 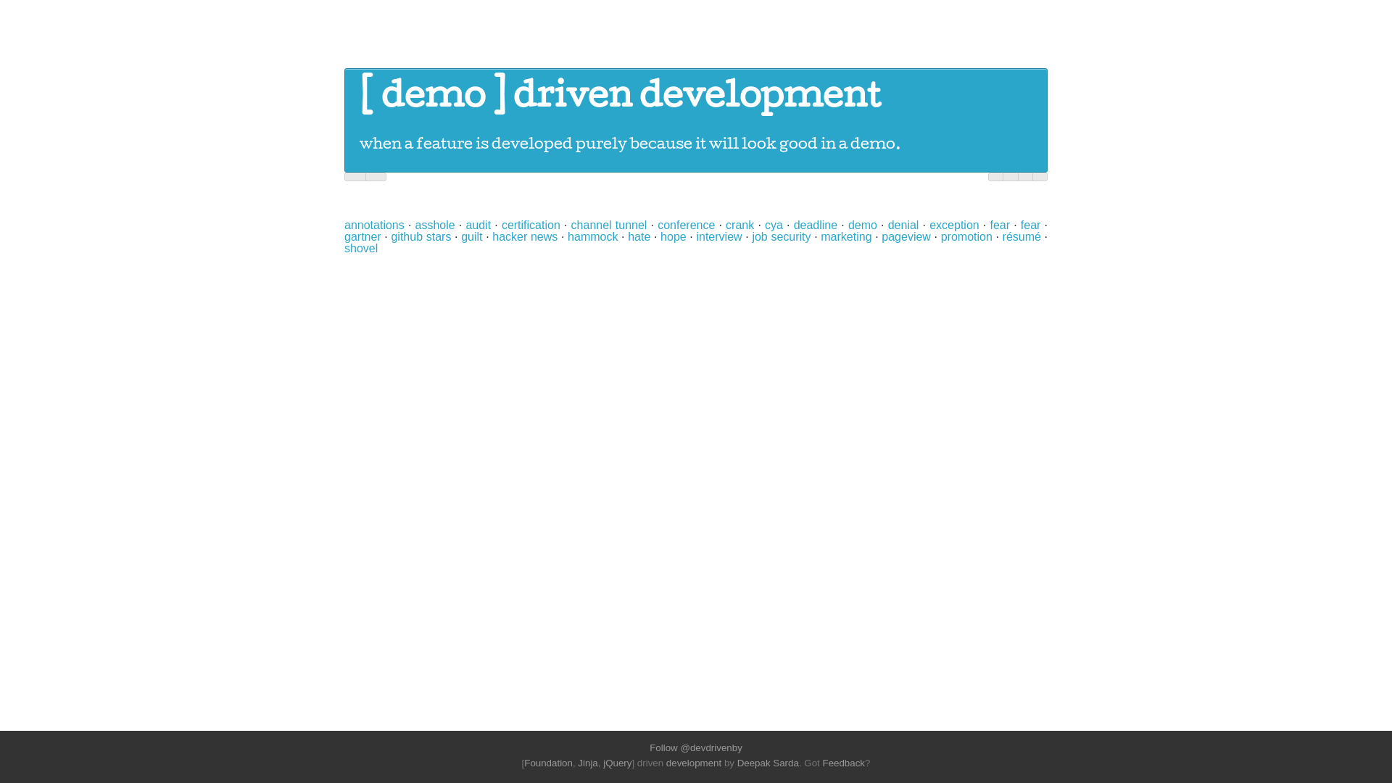 I want to click on 'certification', so click(x=501, y=225).